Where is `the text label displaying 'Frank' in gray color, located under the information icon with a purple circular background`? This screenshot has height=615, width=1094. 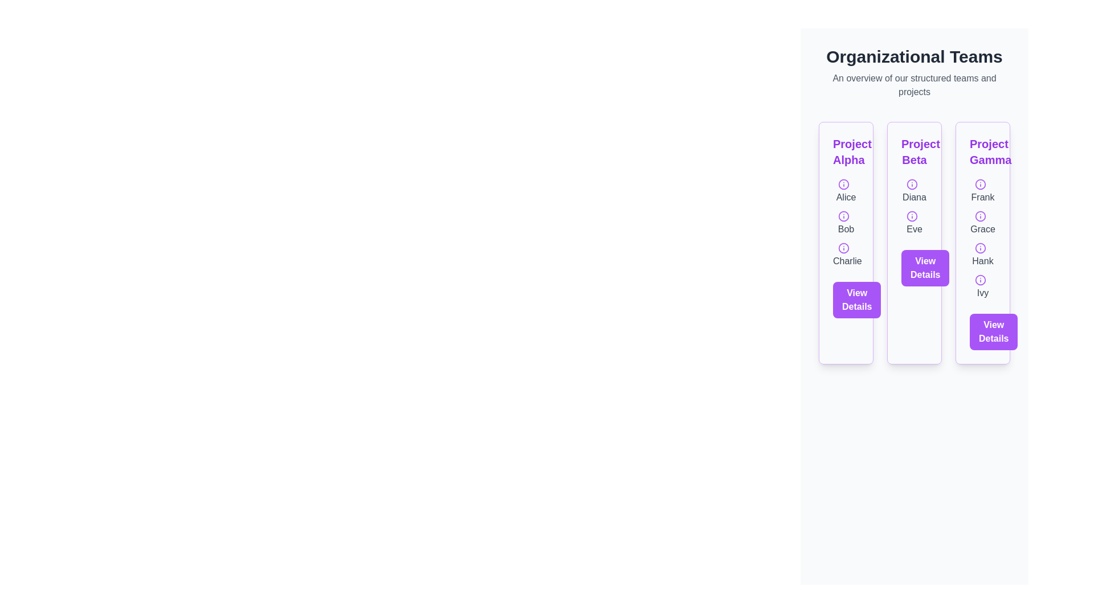
the text label displaying 'Frank' in gray color, located under the information icon with a purple circular background is located at coordinates (982, 190).